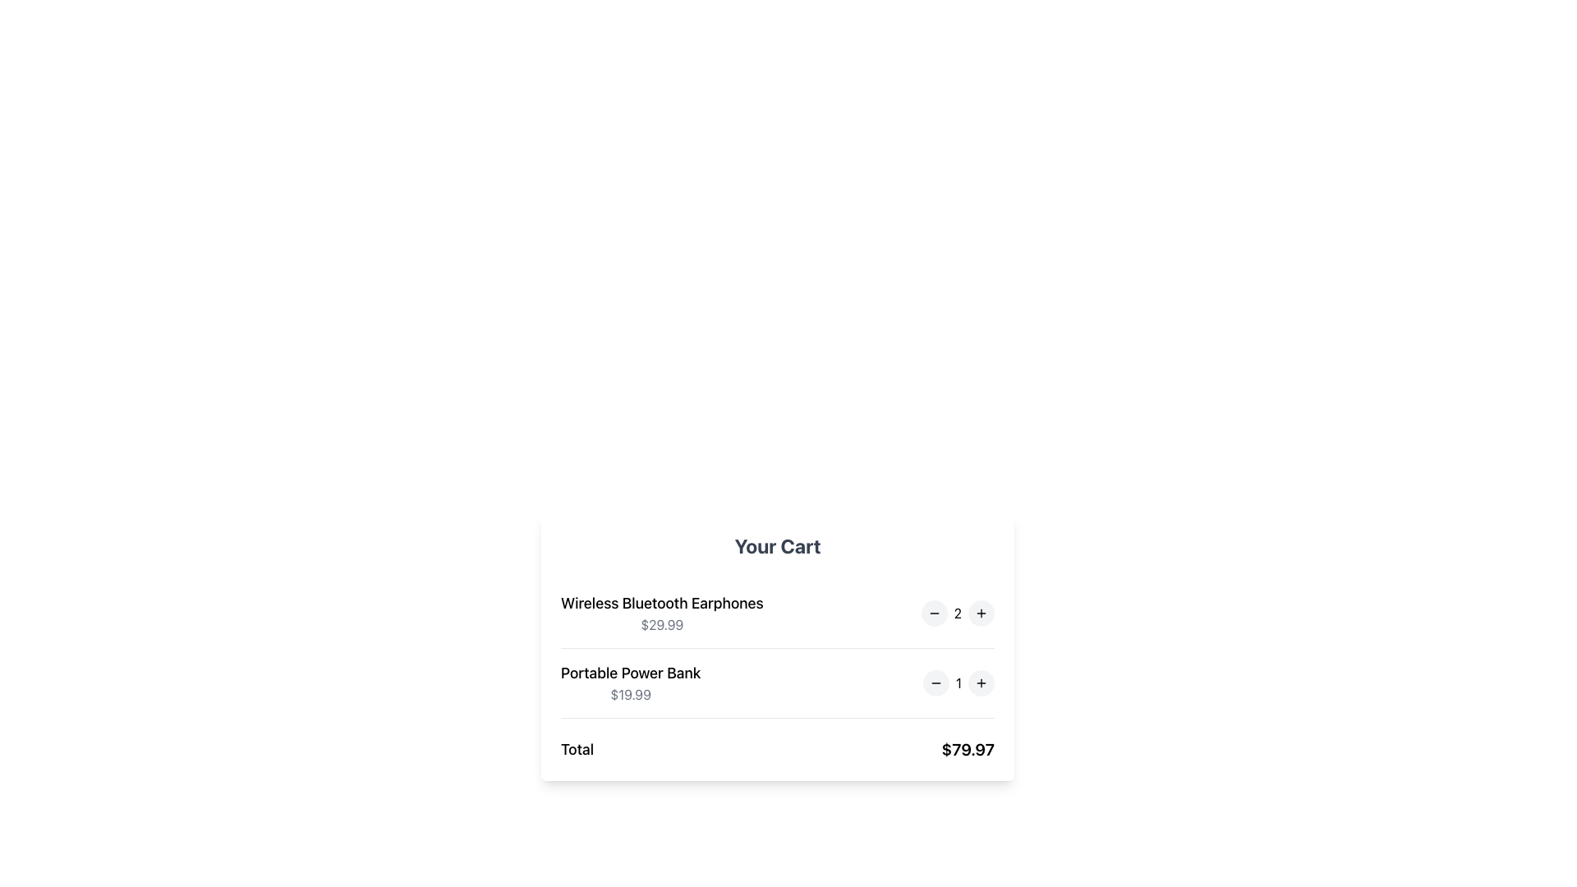 The image size is (1577, 887). Describe the element at coordinates (936, 683) in the screenshot. I see `the leftmost button in the group of three components next to the 'Portable Power Bank' item in the cart to decrease the item count` at that location.